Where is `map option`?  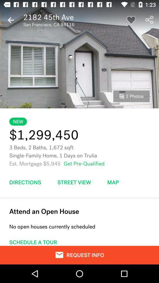 map option is located at coordinates (113, 182).